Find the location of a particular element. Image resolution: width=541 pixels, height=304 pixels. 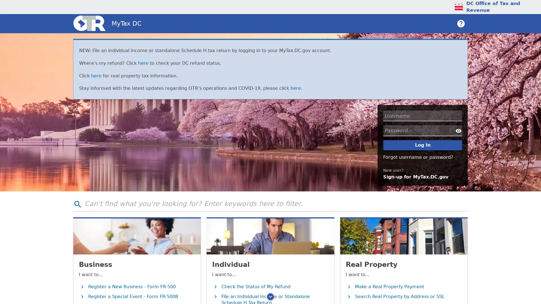

Show/Hide Password is located at coordinates (458, 130).